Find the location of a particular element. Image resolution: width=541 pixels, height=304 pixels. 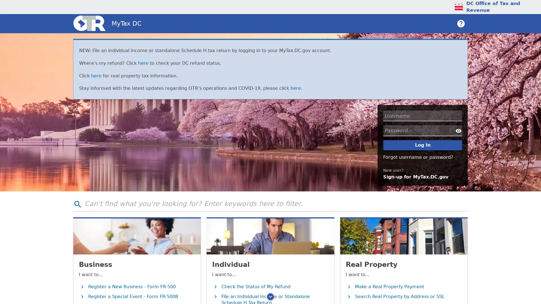

Show/Hide Password is located at coordinates (458, 130).